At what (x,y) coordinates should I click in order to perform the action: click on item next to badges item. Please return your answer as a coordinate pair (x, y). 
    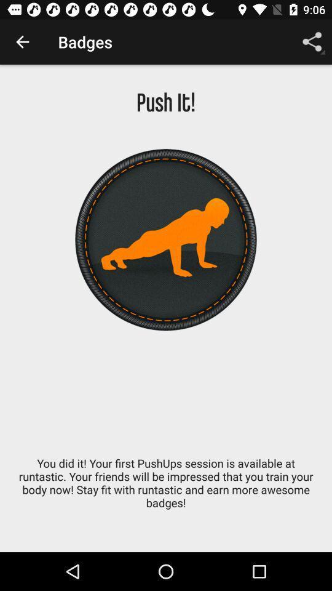
    Looking at the image, I should click on (312, 42).